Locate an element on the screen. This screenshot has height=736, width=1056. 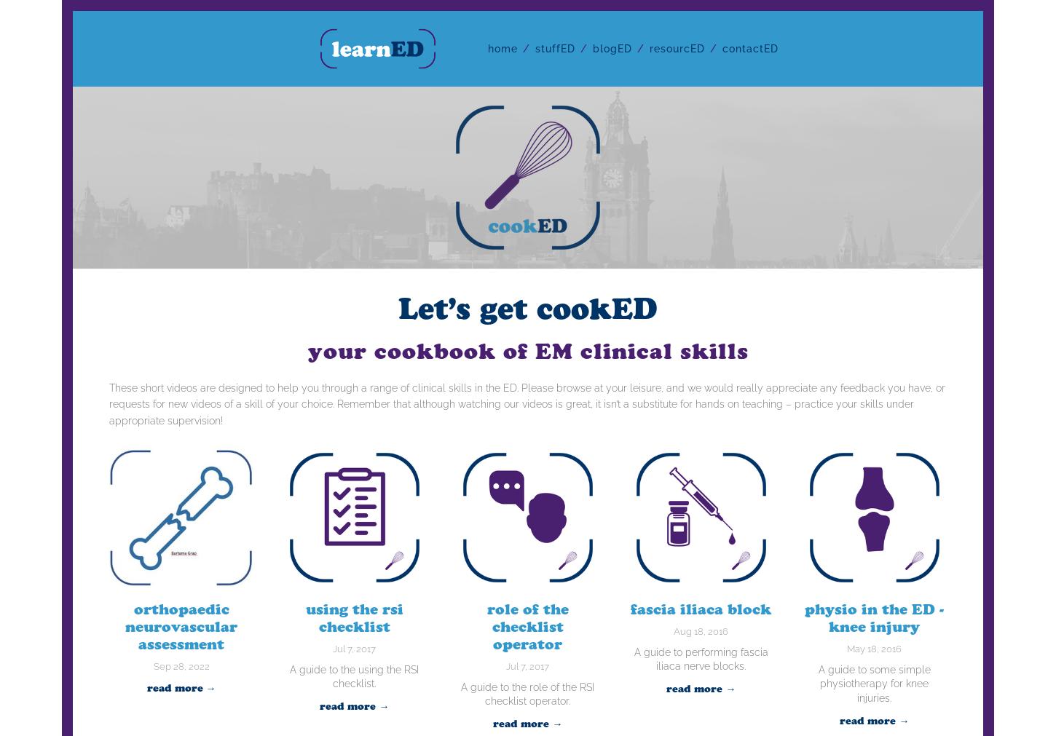
'A guide to the role of the RSI checklist operator.' is located at coordinates (460, 693).